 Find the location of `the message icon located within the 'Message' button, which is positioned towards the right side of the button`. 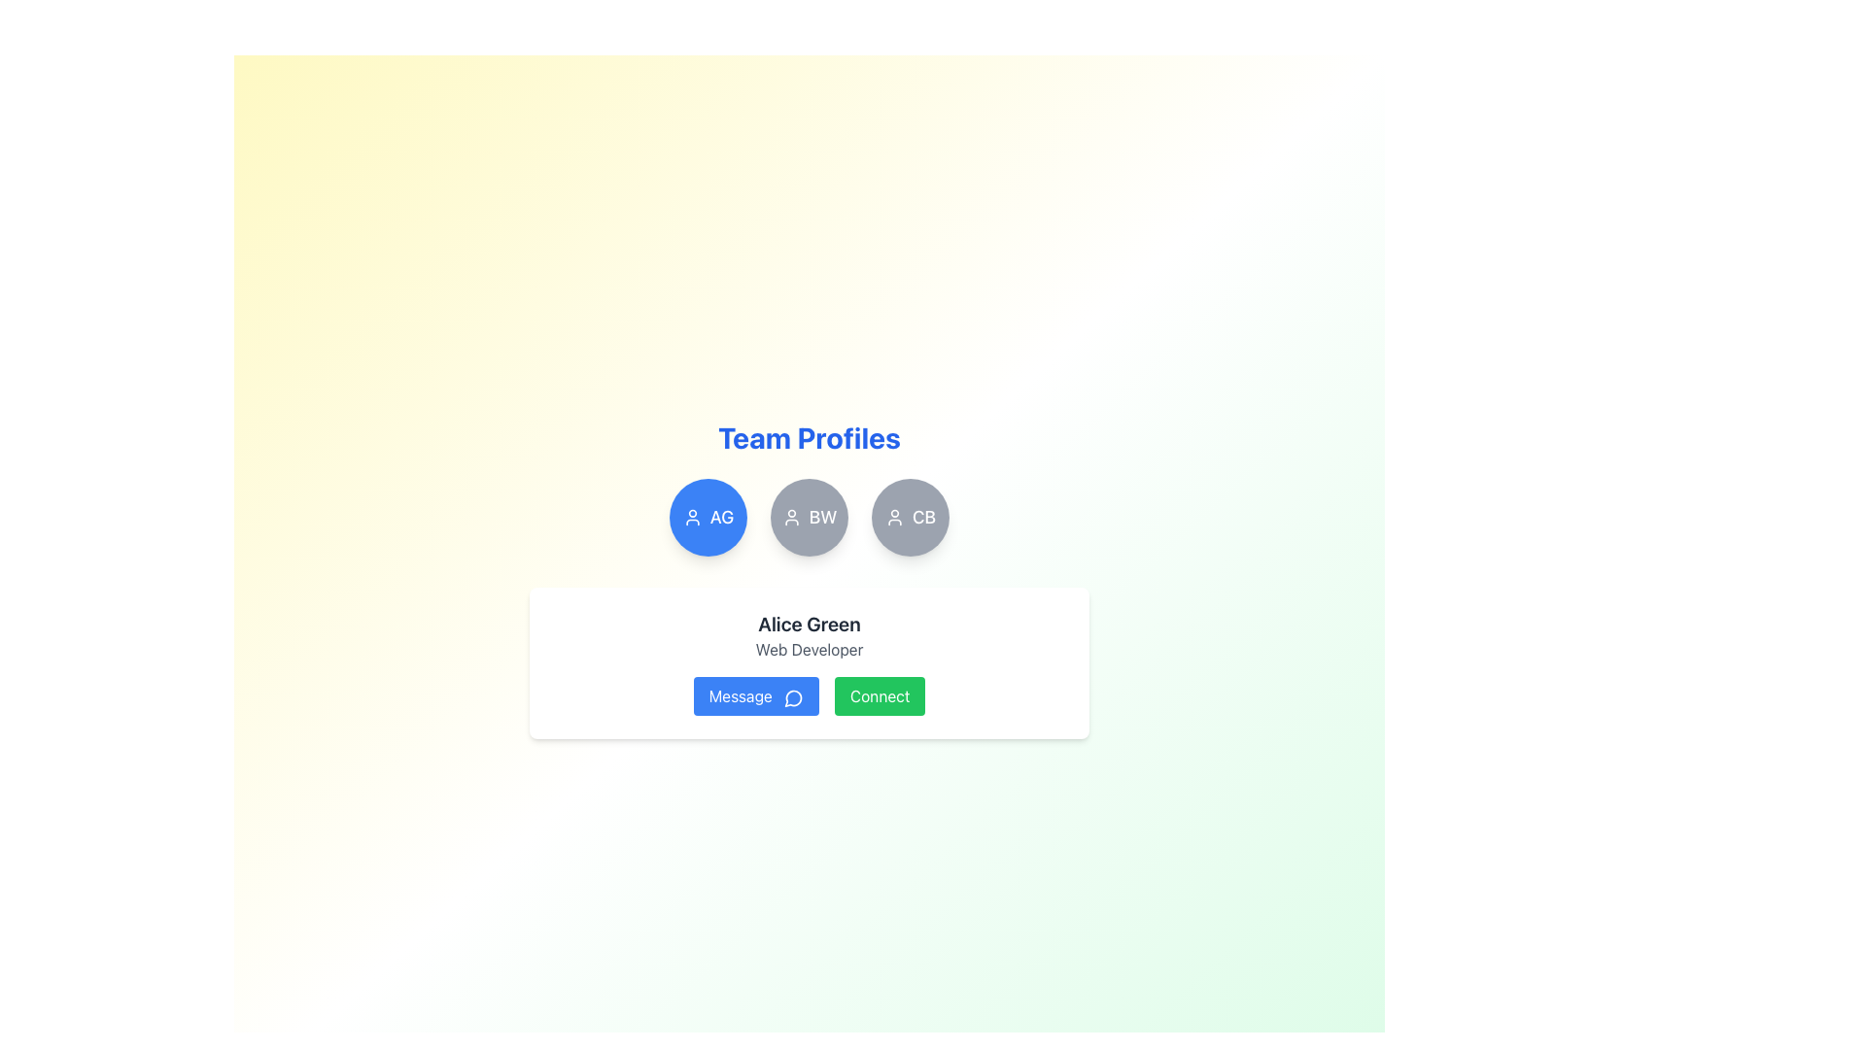

the message icon located within the 'Message' button, which is positioned towards the right side of the button is located at coordinates (793, 696).